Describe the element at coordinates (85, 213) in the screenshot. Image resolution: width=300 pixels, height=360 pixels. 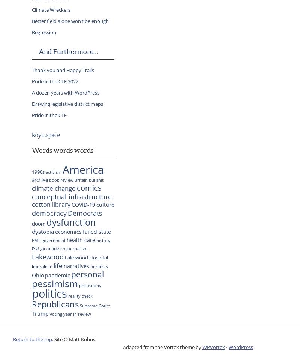
I see `'Democrats'` at that location.